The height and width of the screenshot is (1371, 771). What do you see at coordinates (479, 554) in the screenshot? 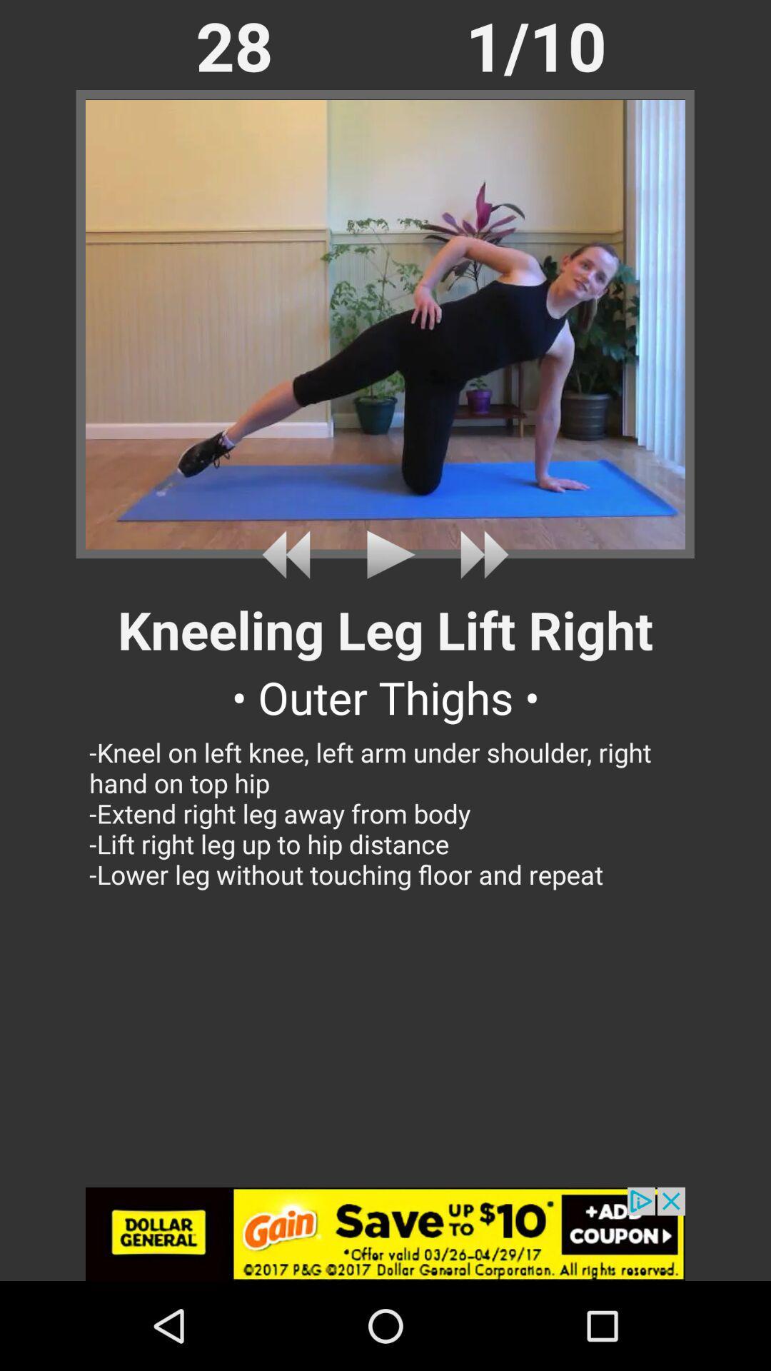
I see `next option` at bounding box center [479, 554].